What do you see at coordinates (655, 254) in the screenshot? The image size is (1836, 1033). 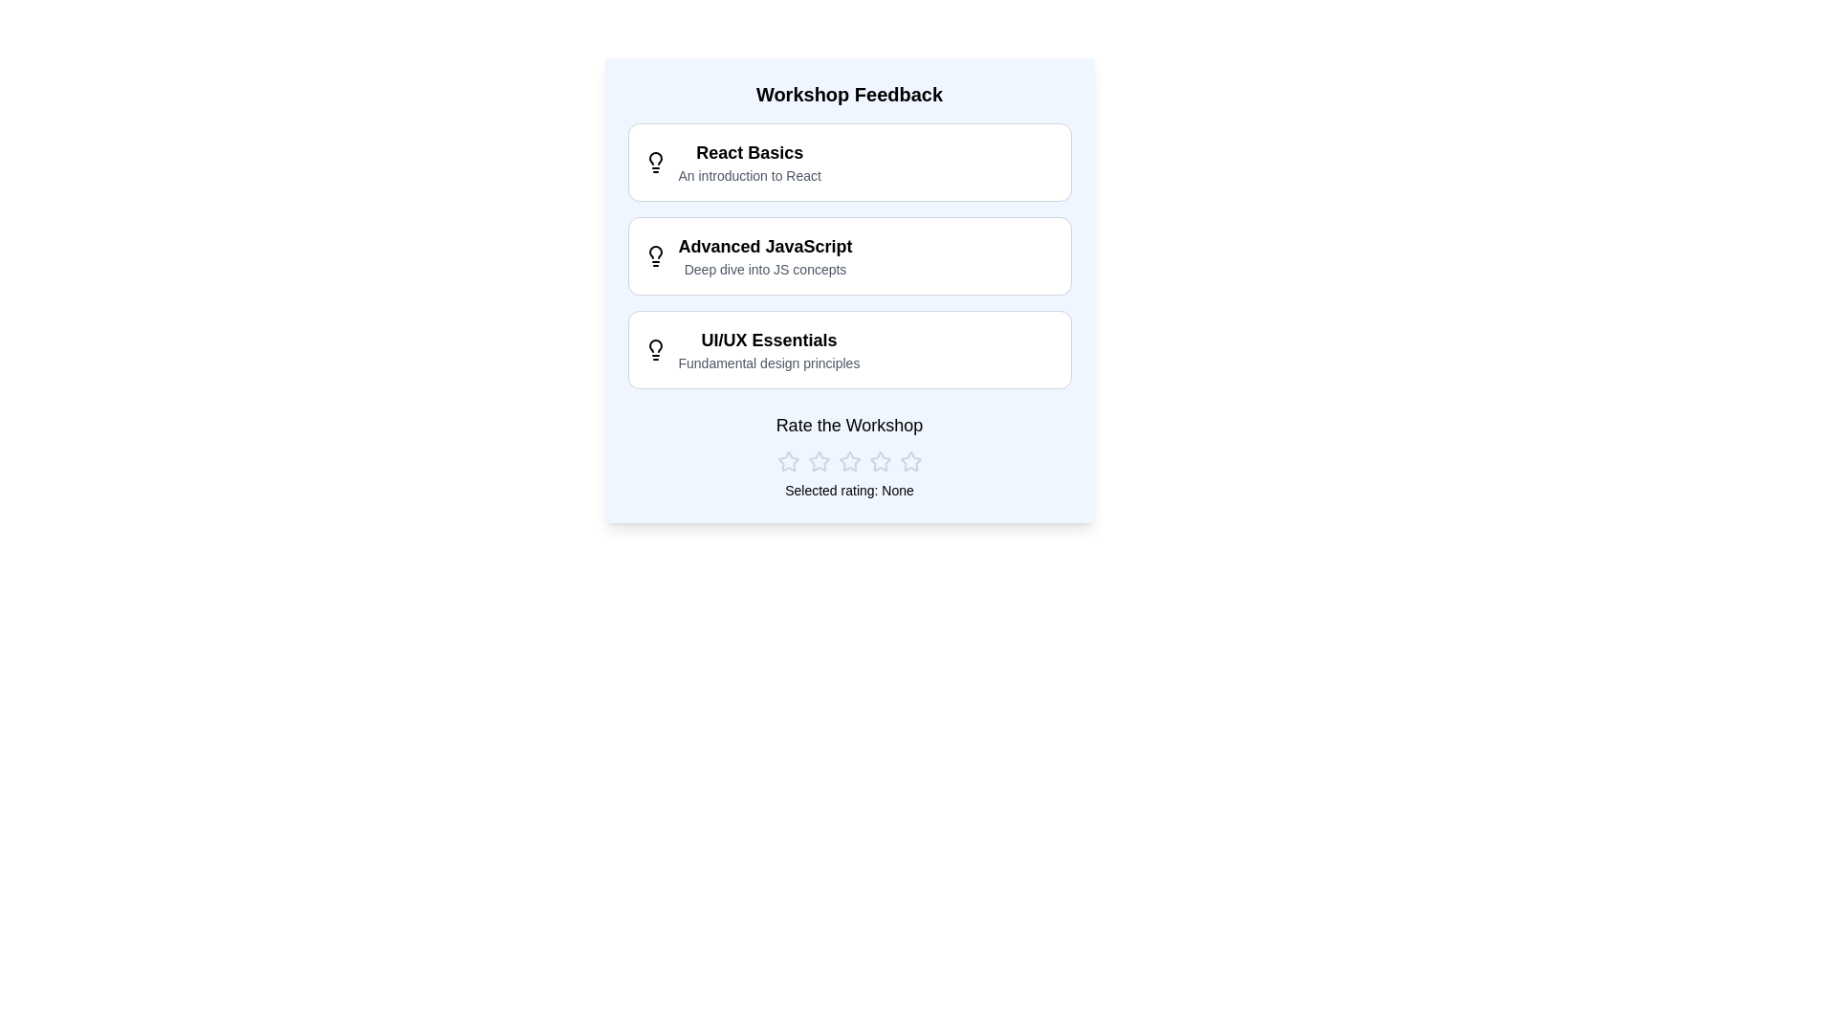 I see `the decorative icon that represents learning or knowledge, positioned to the left of the 'Advanced JavaScript' text in the workshop feedback interface` at bounding box center [655, 254].